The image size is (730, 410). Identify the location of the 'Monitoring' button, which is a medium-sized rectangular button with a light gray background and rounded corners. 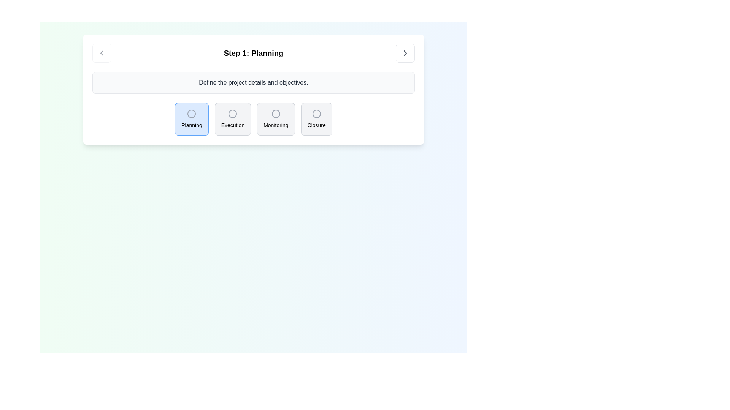
(275, 119).